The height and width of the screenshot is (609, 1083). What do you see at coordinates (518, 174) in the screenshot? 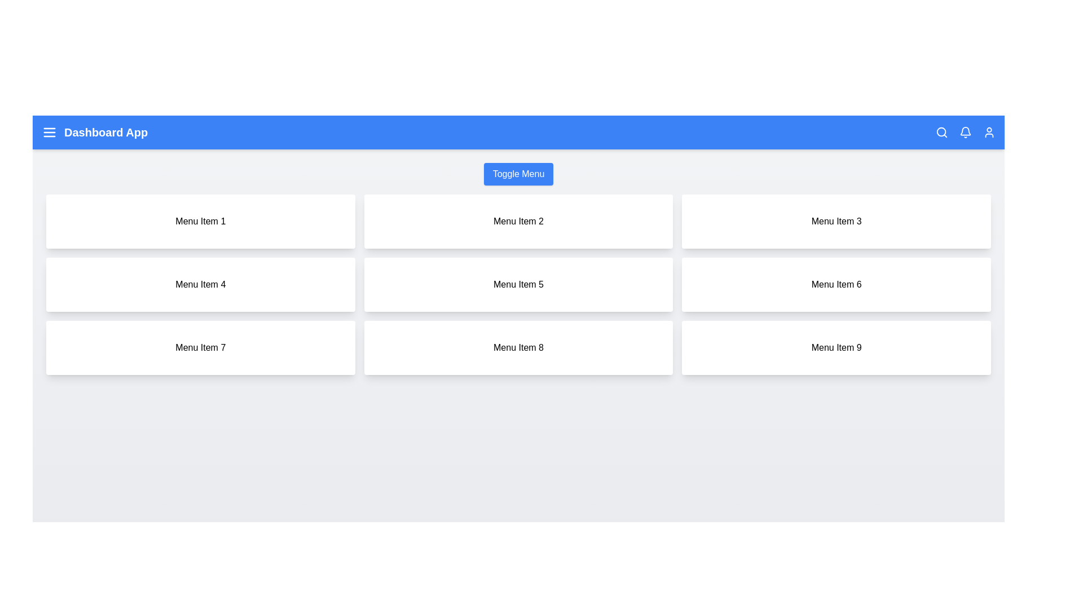
I see `the 'Toggle Menu' button to toggle the visibility of the menu grid` at bounding box center [518, 174].